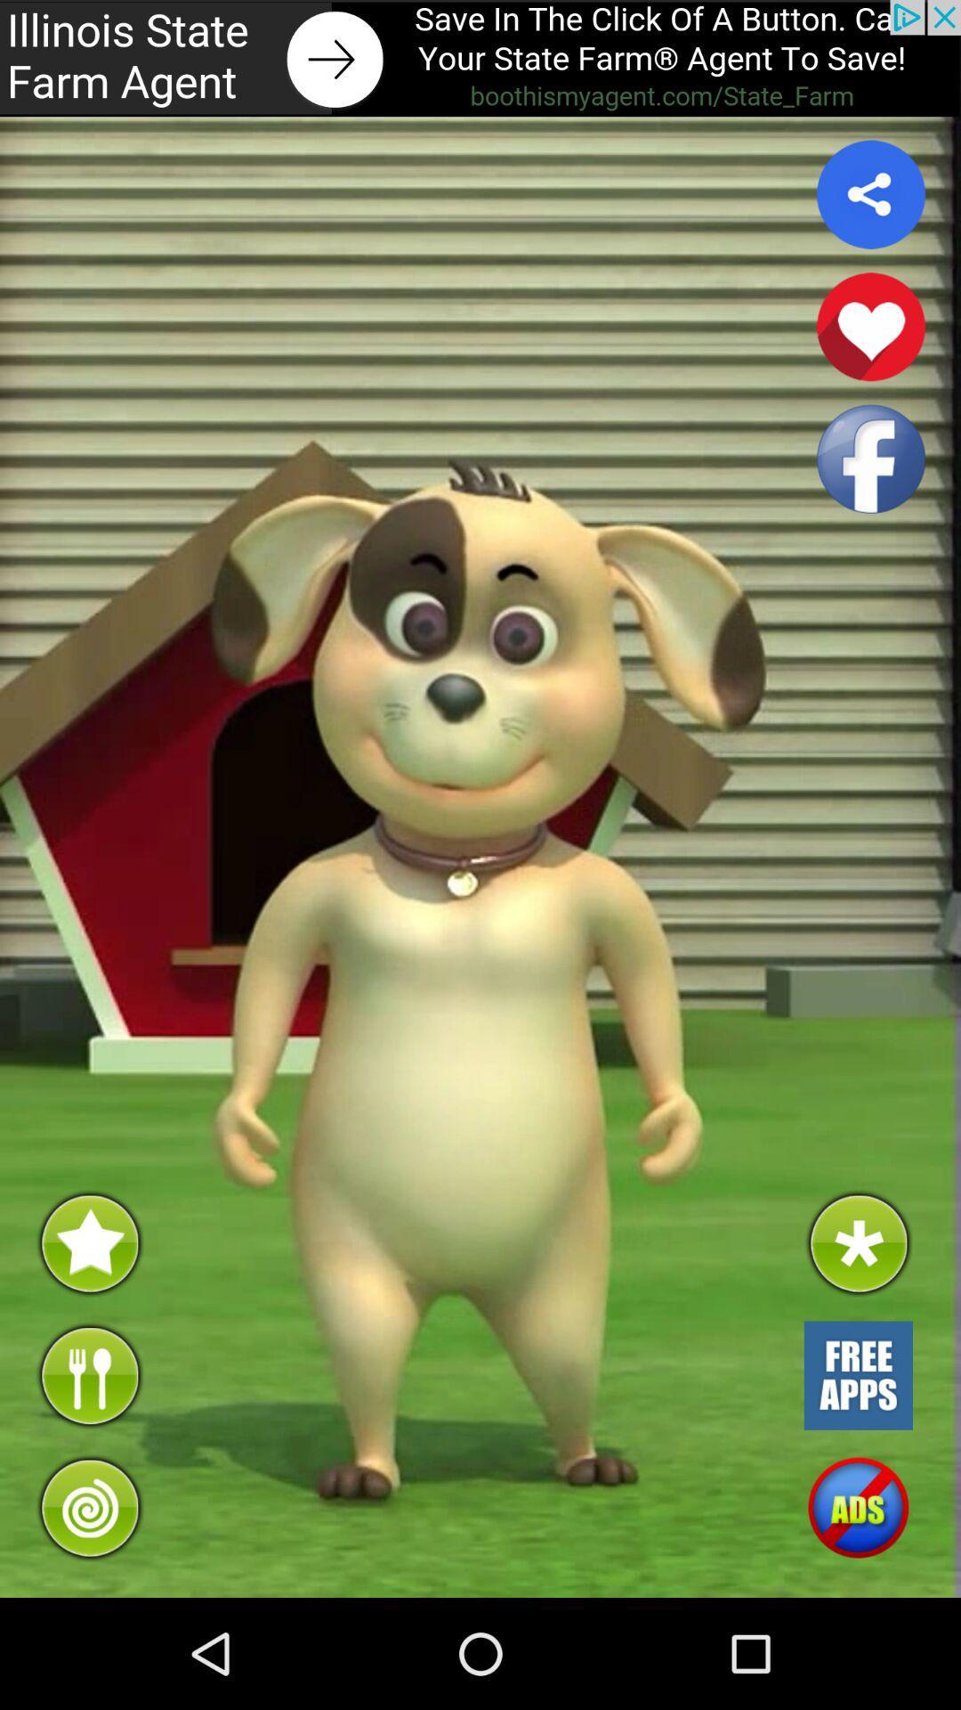 The height and width of the screenshot is (1710, 961). What do you see at coordinates (870, 349) in the screenshot?
I see `the favorite icon` at bounding box center [870, 349].